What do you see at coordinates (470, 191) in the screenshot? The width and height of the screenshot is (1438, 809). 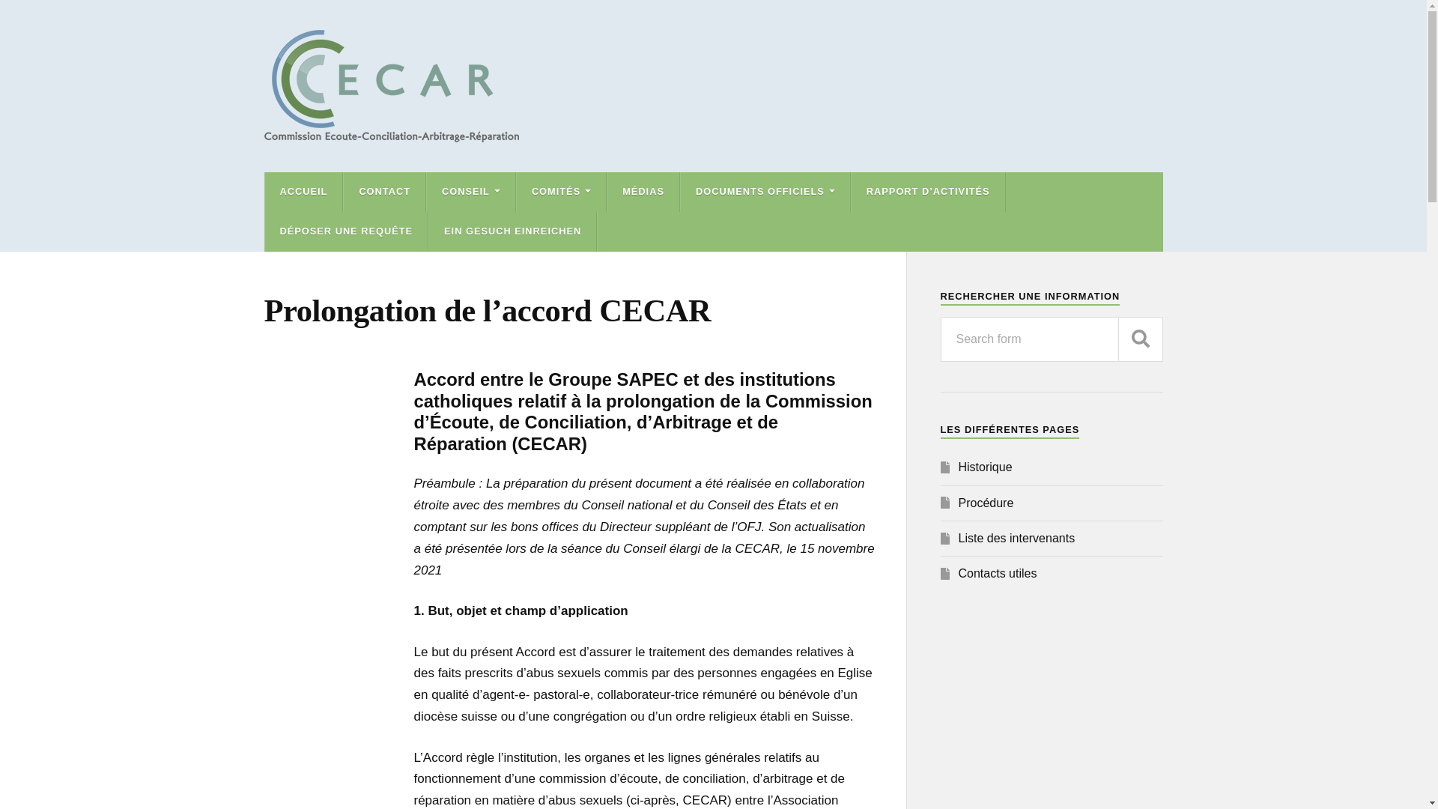 I see `'CONSEIL'` at bounding box center [470, 191].